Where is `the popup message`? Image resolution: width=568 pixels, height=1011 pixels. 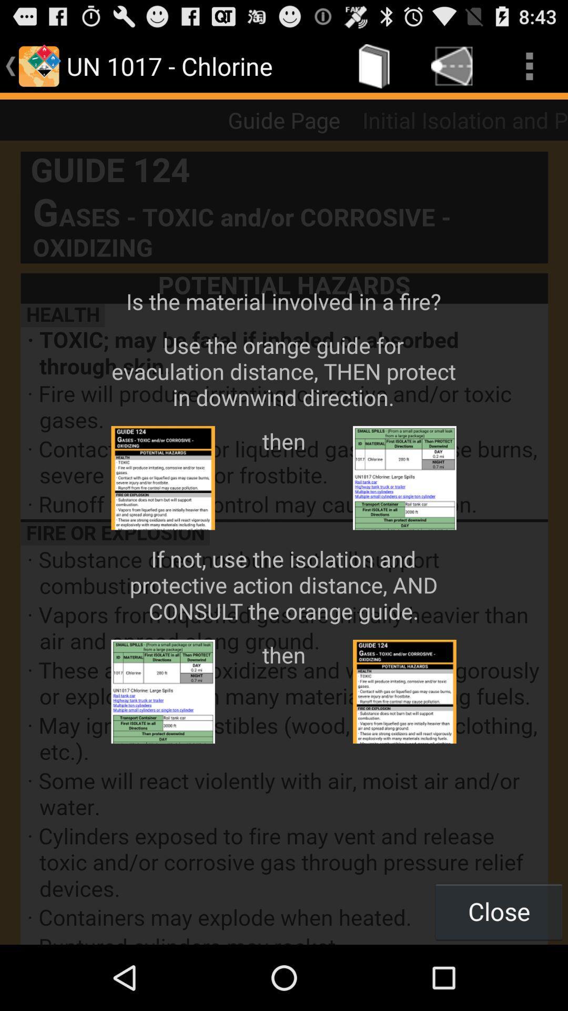
the popup message is located at coordinates (284, 542).